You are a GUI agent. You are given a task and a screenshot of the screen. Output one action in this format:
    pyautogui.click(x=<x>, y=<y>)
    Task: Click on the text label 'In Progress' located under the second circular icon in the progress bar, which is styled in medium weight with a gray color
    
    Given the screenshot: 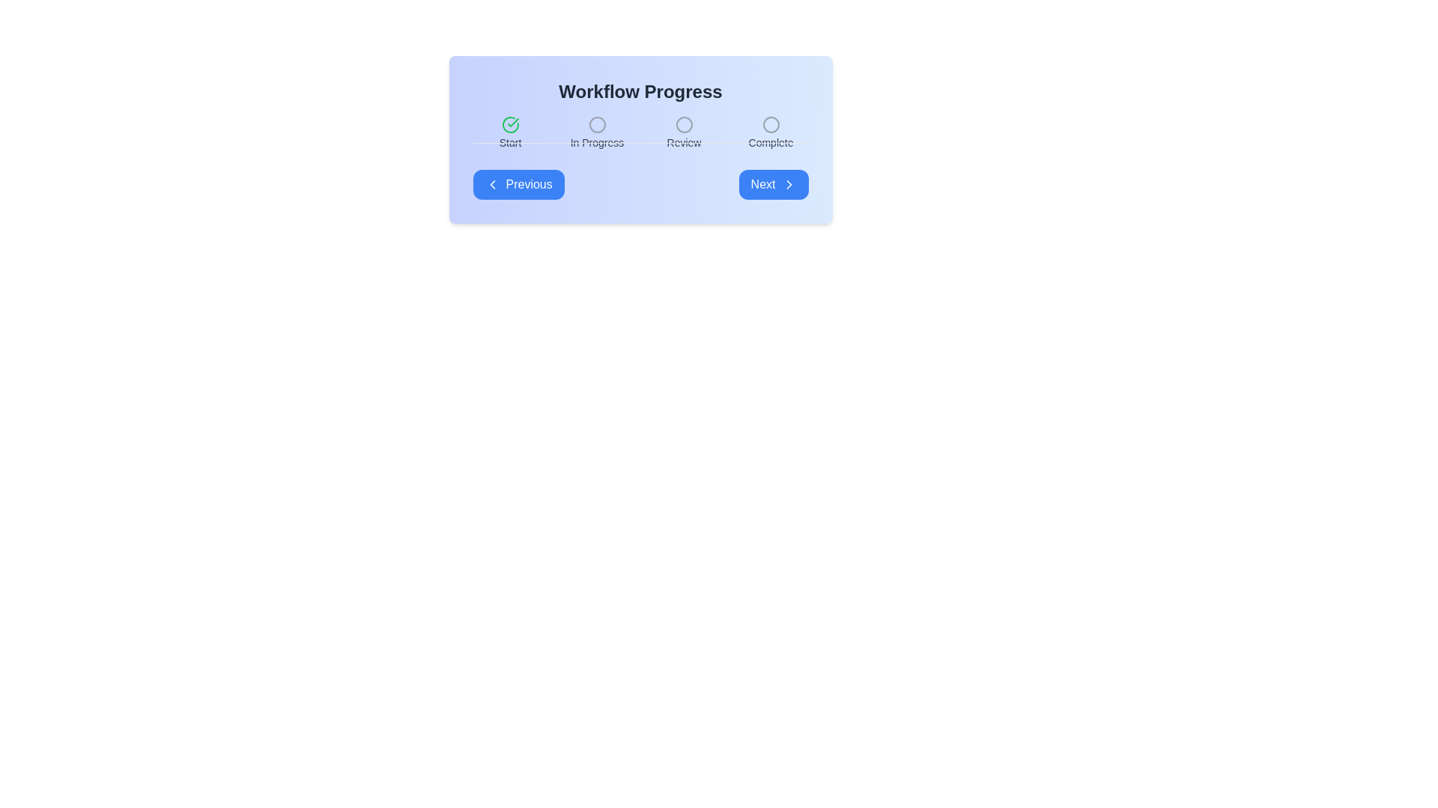 What is the action you would take?
    pyautogui.click(x=596, y=143)
    